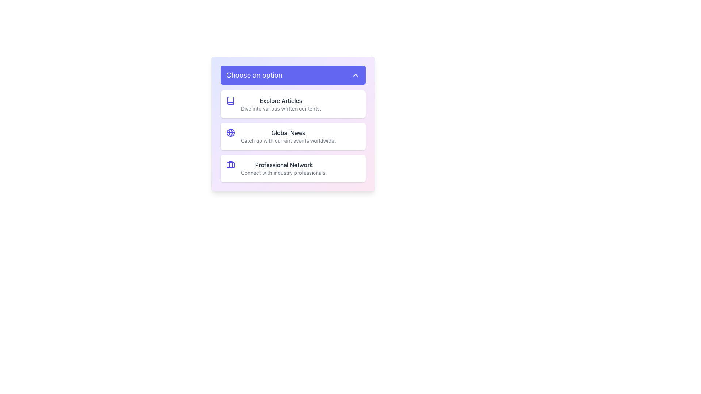  I want to click on the informative text label reading 'Catch up with current events worldwide.' located below the title 'Global News' in the vertical menu list, so click(288, 140).